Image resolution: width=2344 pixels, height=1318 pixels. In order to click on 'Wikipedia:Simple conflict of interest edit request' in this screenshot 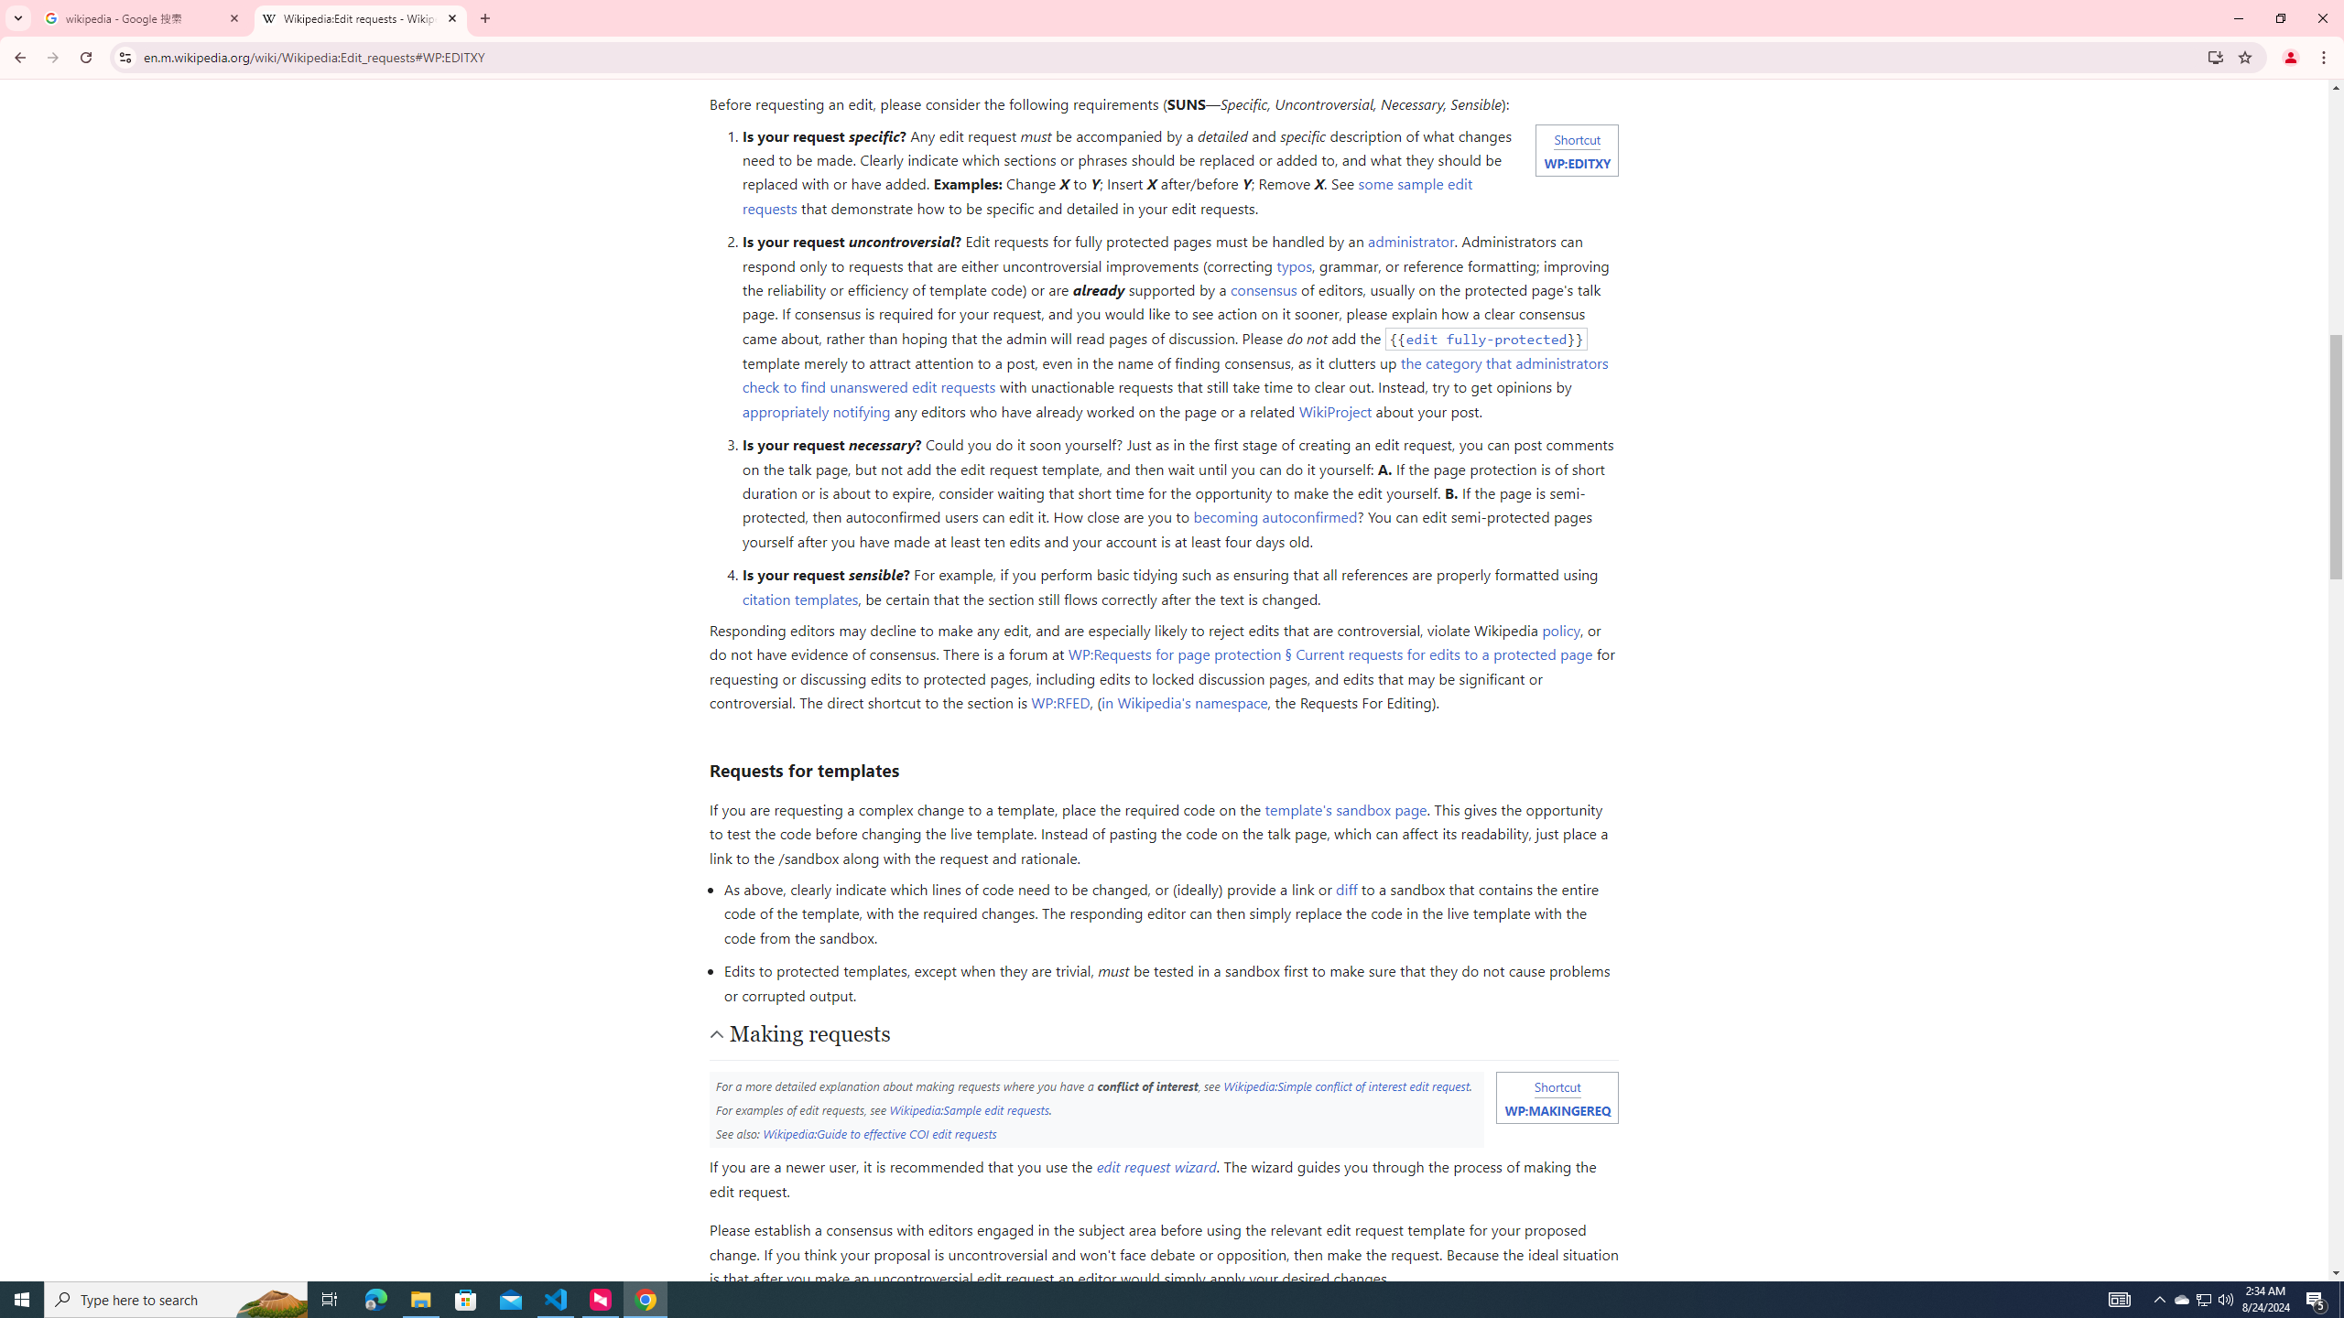, I will do `click(1345, 1086)`.